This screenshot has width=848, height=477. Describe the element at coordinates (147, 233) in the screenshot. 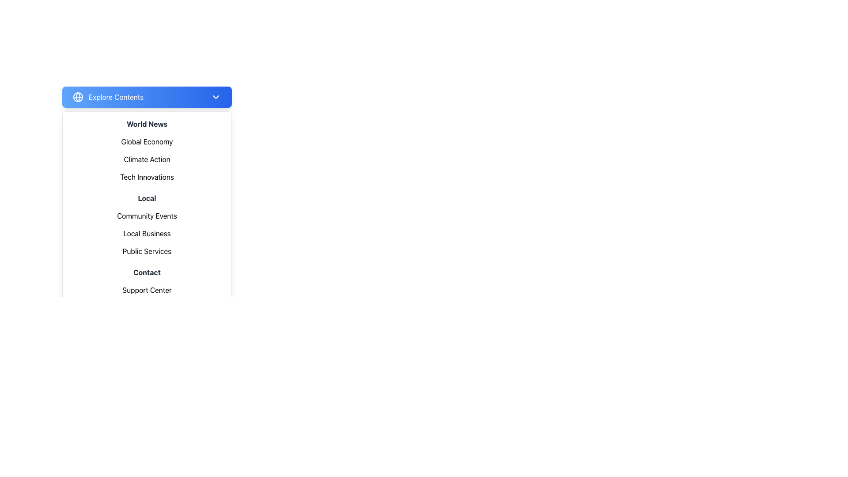

I see `the 'Local Business' clickable menu item` at that location.